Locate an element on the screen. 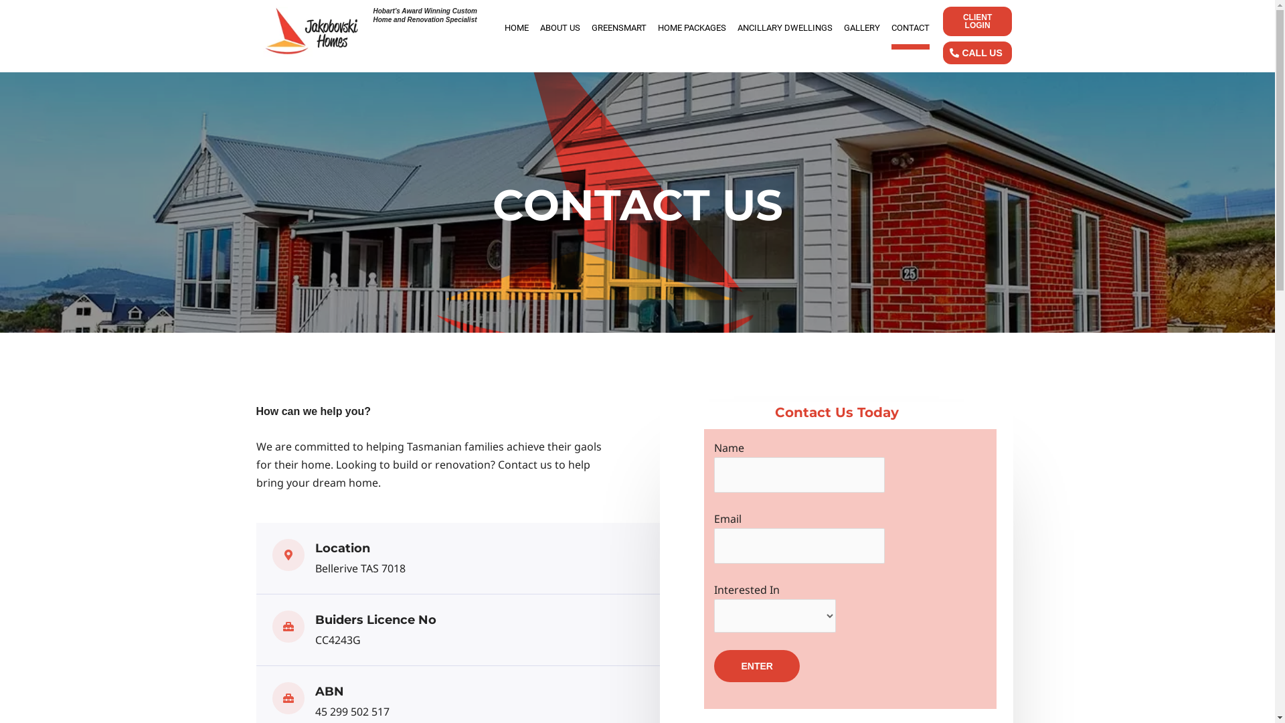  'HOME' is located at coordinates (516, 28).